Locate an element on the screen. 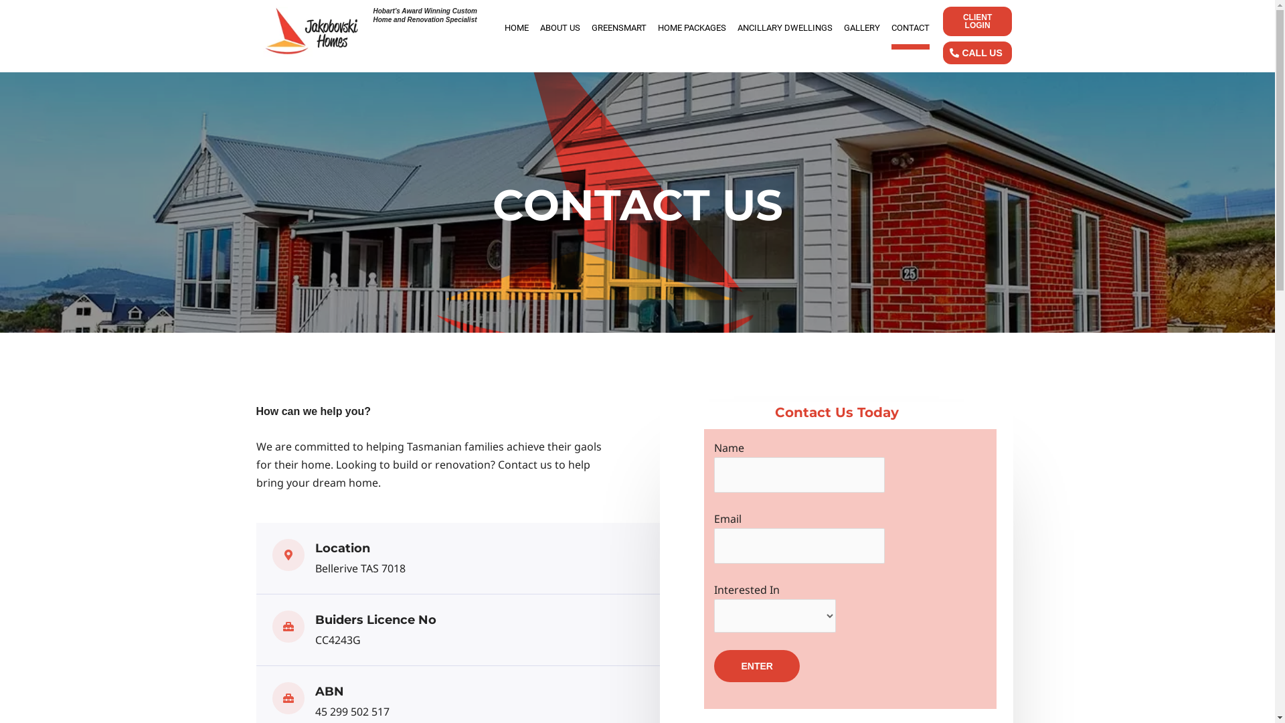  'HOME' is located at coordinates (516, 28).